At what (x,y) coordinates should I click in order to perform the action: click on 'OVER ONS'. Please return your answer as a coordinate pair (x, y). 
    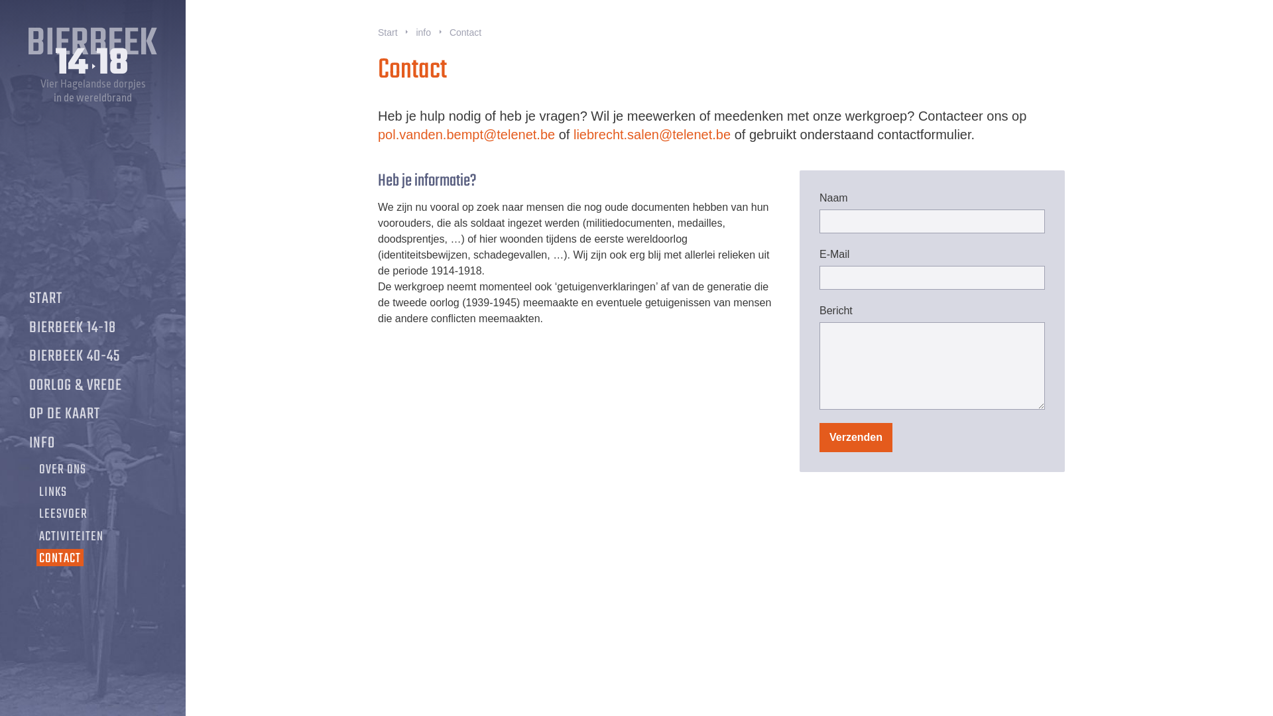
    Looking at the image, I should click on (62, 469).